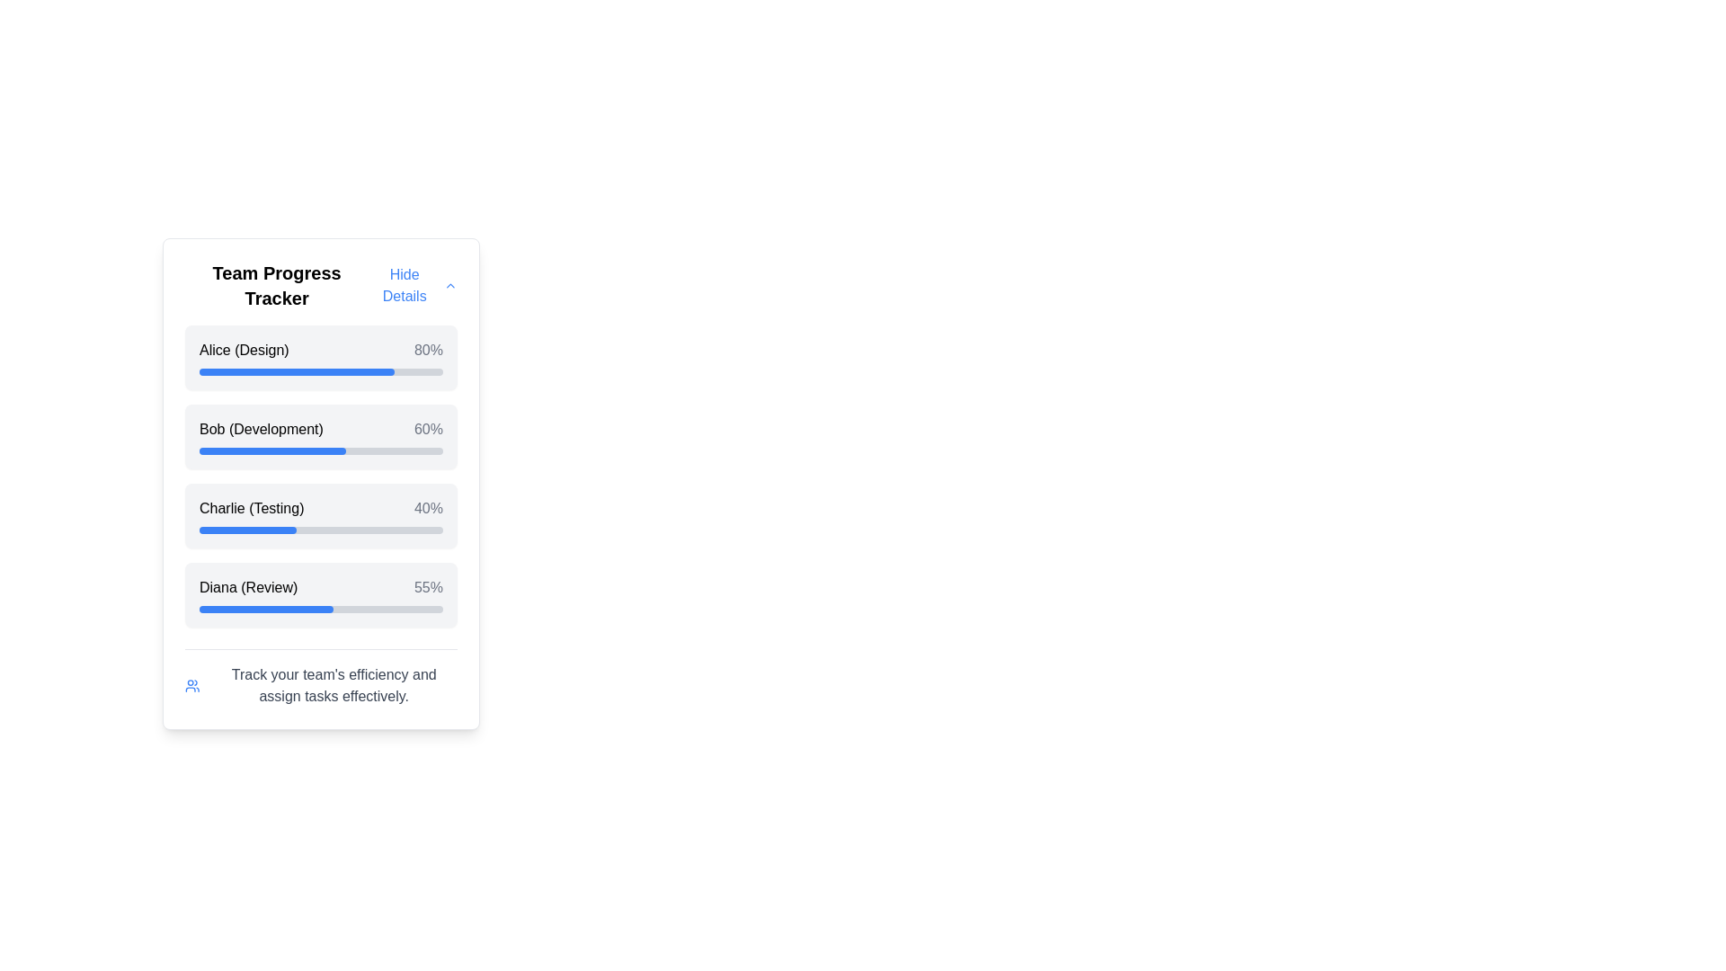 The width and height of the screenshot is (1726, 971). What do you see at coordinates (321, 450) in the screenshot?
I see `the progress bar representing 60% completion for 'Bob (Development)', located beneath the text '60%' and above the next progress bar in a vertical list` at bounding box center [321, 450].